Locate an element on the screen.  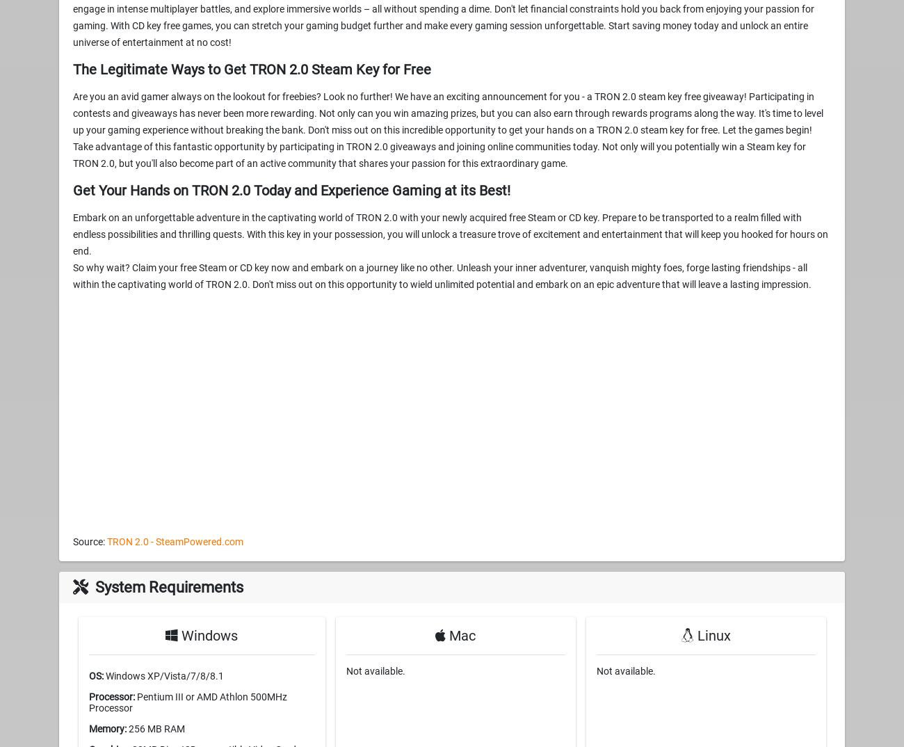
'Take advantage of this fantastic opportunity by participating in TRON 2.0 giveaways and joining online communities today. Not only will you potentially win a Steam key for TRON 2.0, but you'll also become part of an active community that shares your passion for this extraordinary game.' is located at coordinates (73, 154).